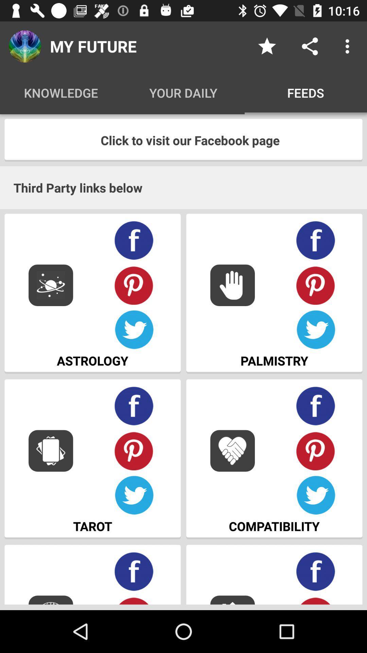  Describe the element at coordinates (134, 240) in the screenshot. I see `share to facebook` at that location.